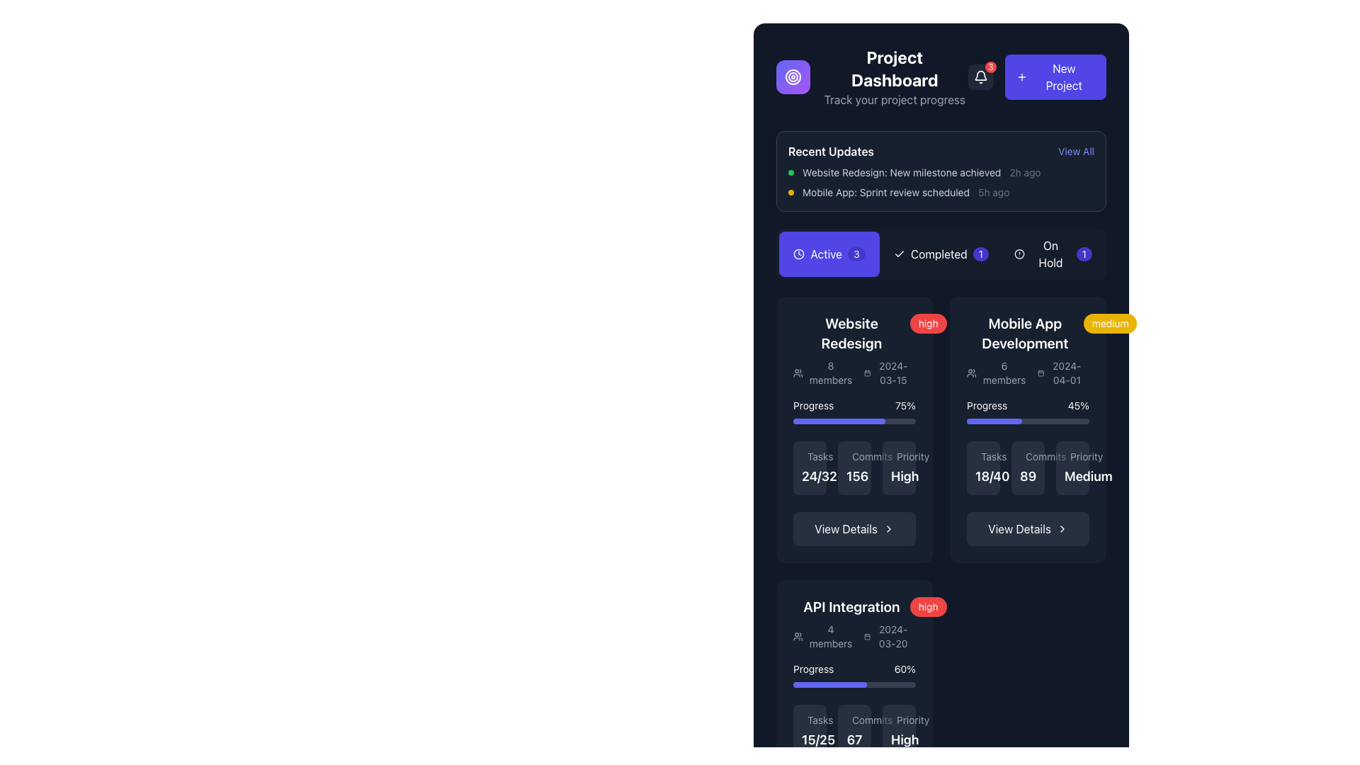 The height and width of the screenshot is (765, 1360). What do you see at coordinates (888, 529) in the screenshot?
I see `the rightward-facing chevron-shaped arrow icon that is located adjacent to the 'View Details' button, indicating a forward action` at bounding box center [888, 529].